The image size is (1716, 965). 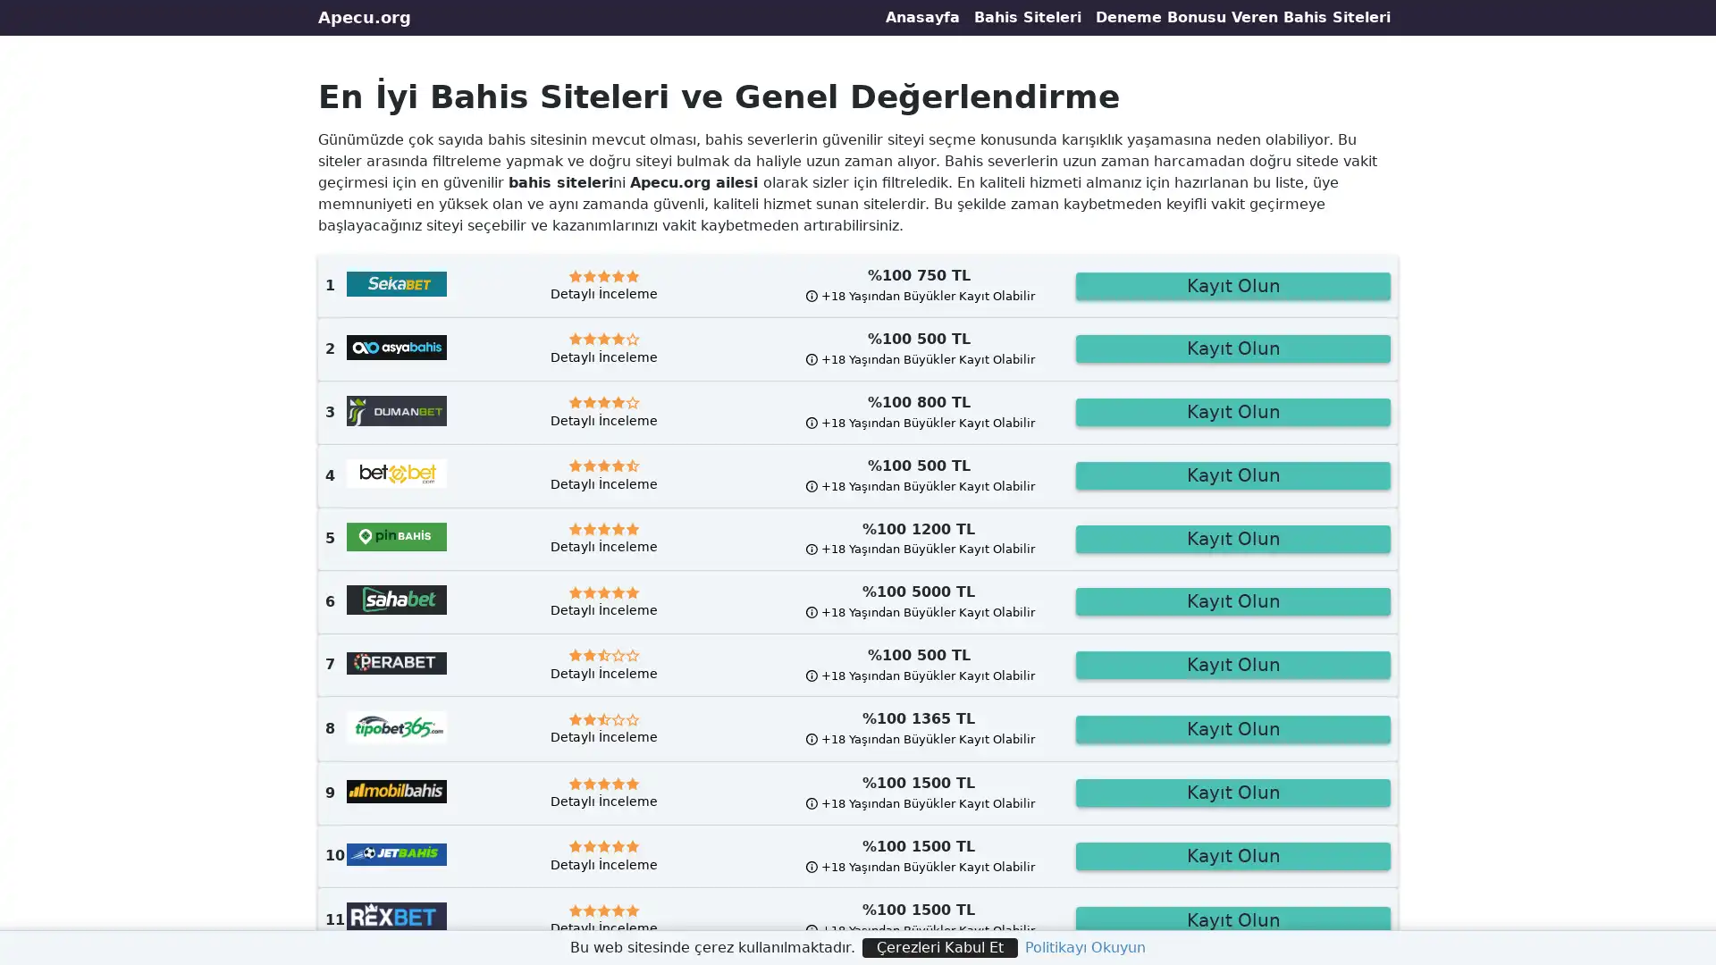 I want to click on Load terms and conditions, so click(x=918, y=739).